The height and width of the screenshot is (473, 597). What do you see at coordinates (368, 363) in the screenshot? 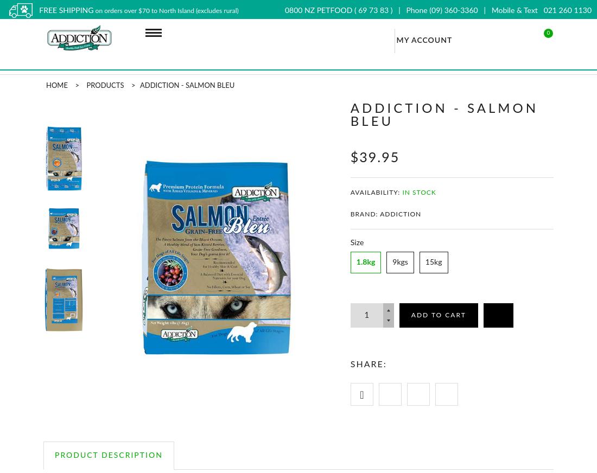
I see `'SHARE:'` at bounding box center [368, 363].